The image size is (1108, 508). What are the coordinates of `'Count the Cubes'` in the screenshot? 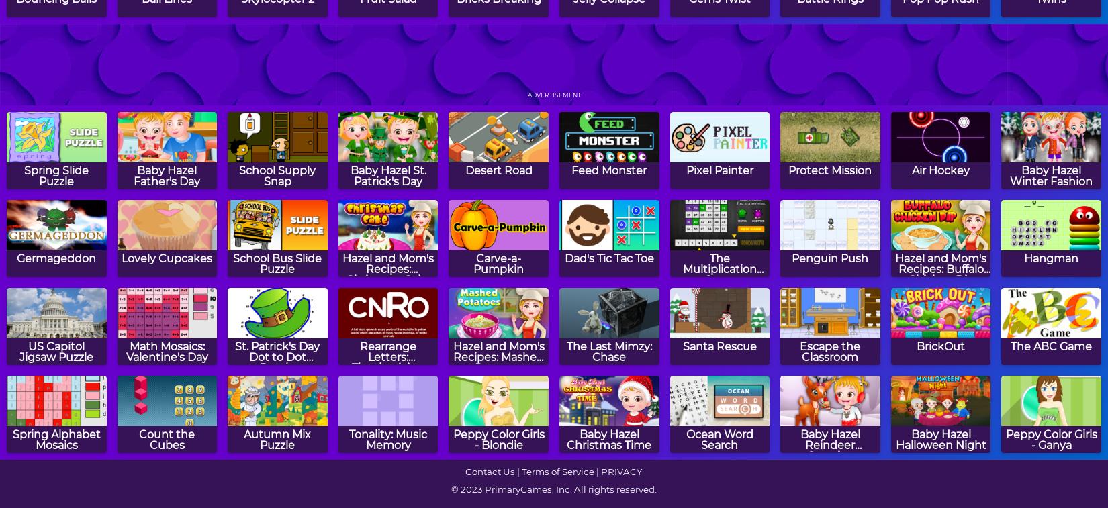 It's located at (139, 440).